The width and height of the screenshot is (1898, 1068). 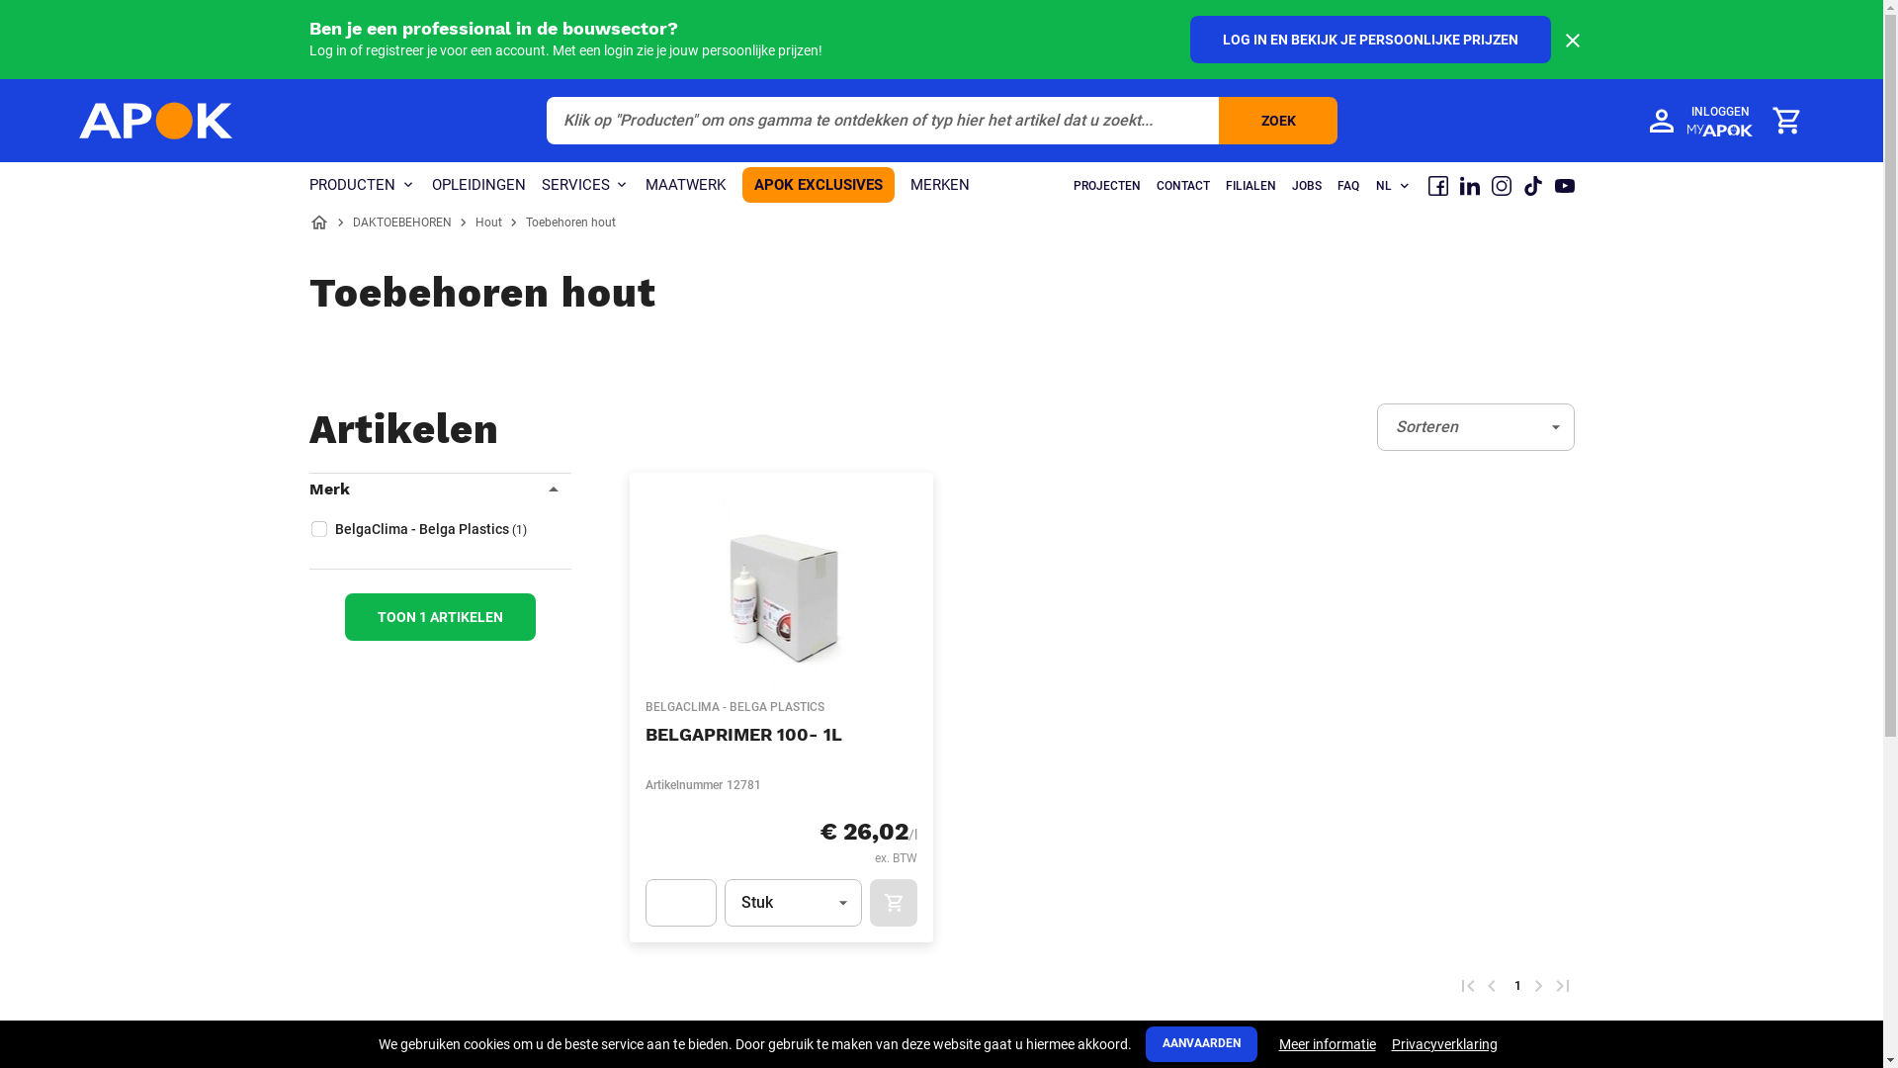 What do you see at coordinates (1563, 186) in the screenshot?
I see `'Youtube'` at bounding box center [1563, 186].